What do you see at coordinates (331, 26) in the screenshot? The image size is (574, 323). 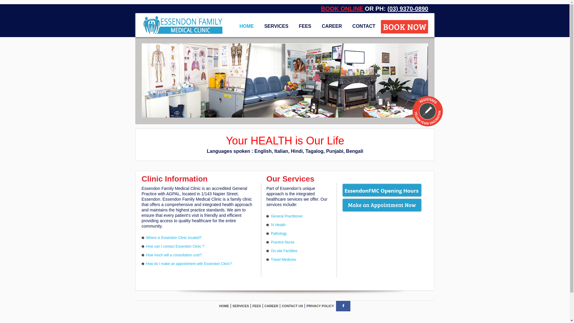 I see `'CAREER'` at bounding box center [331, 26].